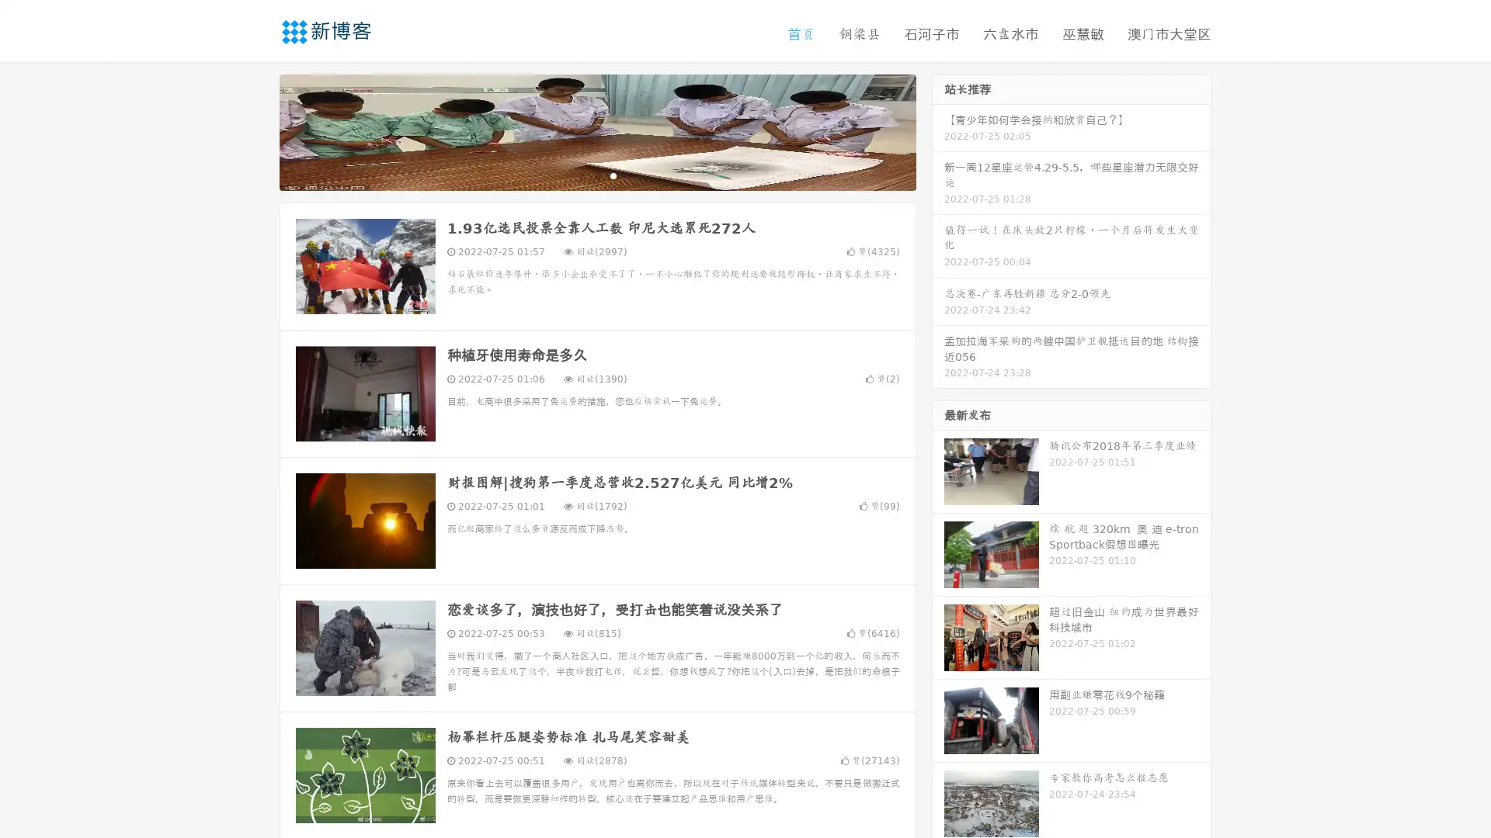 The width and height of the screenshot is (1491, 838). I want to click on Next slide, so click(938, 130).